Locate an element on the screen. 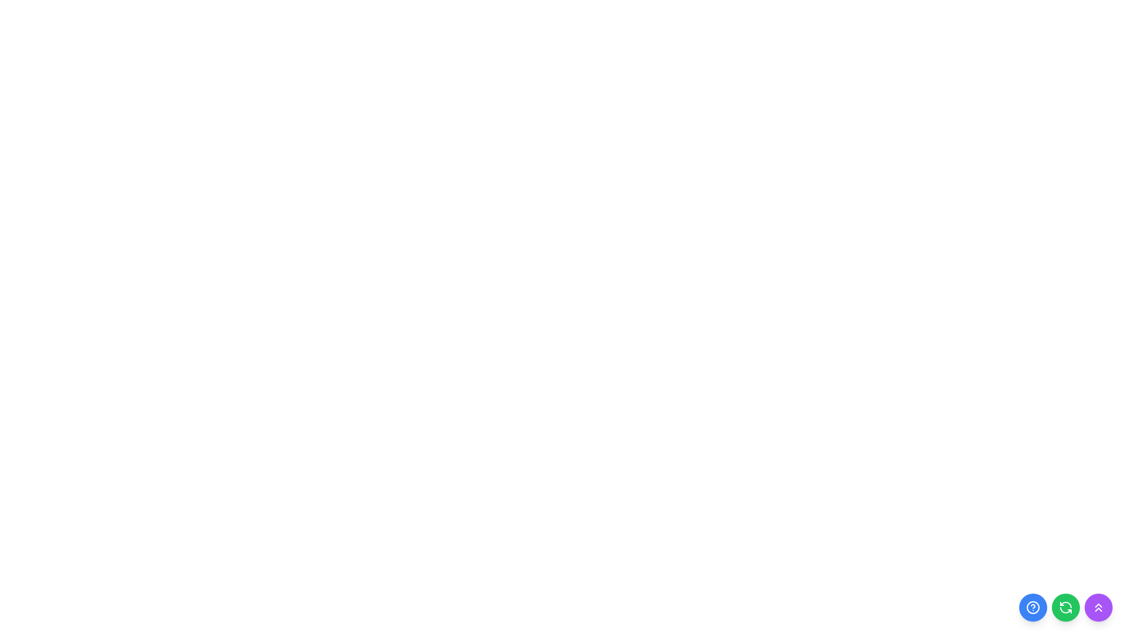  the middle circular button located at the bottom-right of the interface to reload content is located at coordinates (1066, 607).